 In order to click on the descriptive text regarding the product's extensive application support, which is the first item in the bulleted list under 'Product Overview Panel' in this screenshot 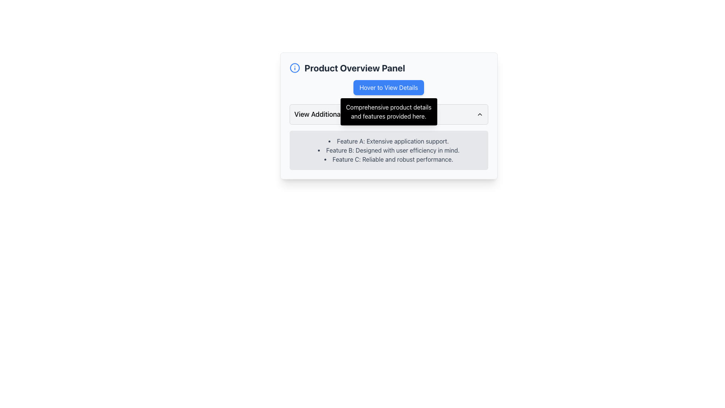, I will do `click(389, 141)`.